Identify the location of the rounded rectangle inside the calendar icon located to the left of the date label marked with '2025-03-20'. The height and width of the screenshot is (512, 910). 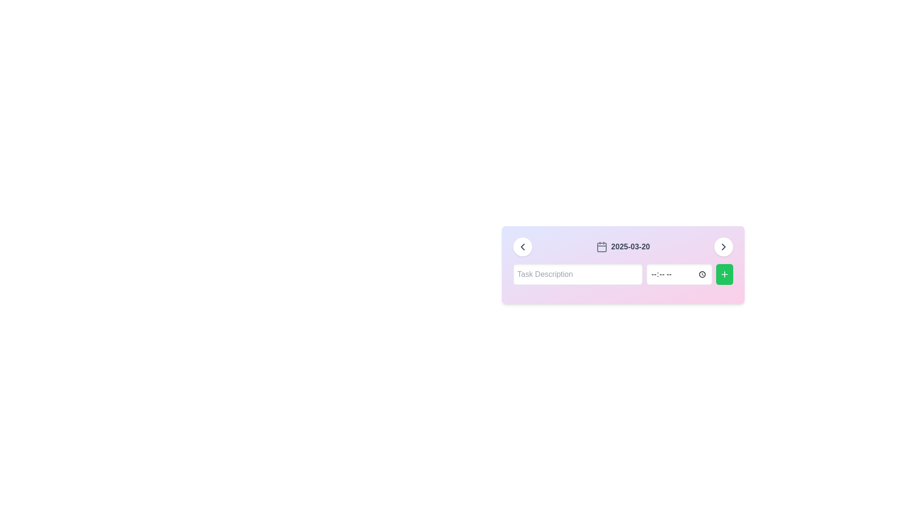
(601, 247).